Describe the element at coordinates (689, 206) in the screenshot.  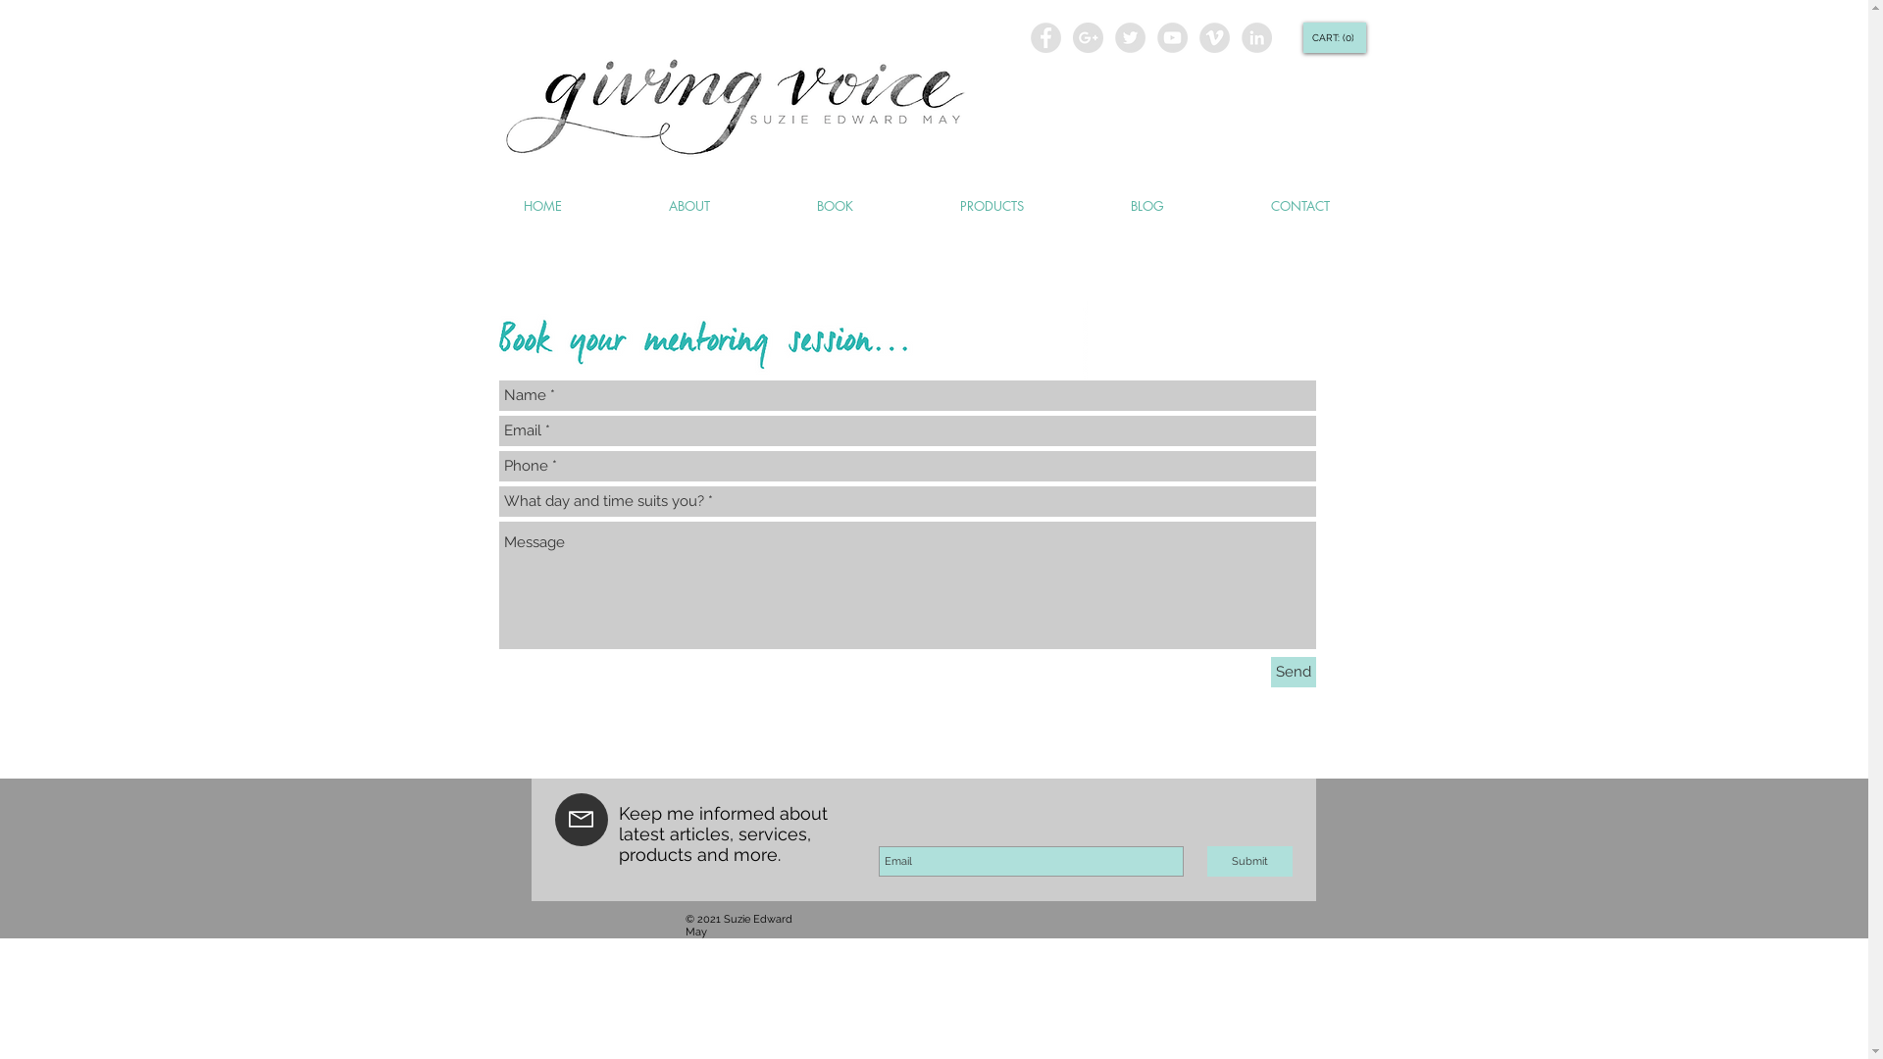
I see `'ABOUT'` at that location.